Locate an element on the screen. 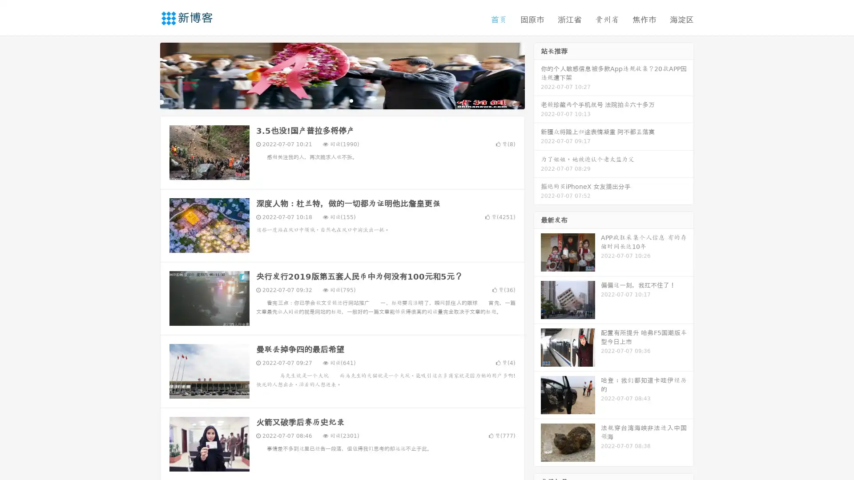 The width and height of the screenshot is (854, 480). Go to slide 3 is located at coordinates (351, 100).